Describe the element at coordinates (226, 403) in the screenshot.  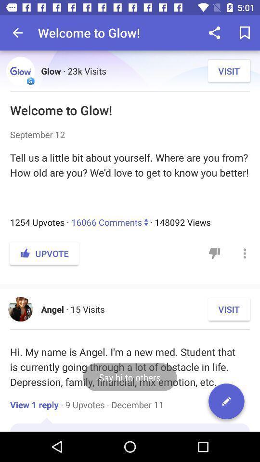
I see `the edit icon` at that location.